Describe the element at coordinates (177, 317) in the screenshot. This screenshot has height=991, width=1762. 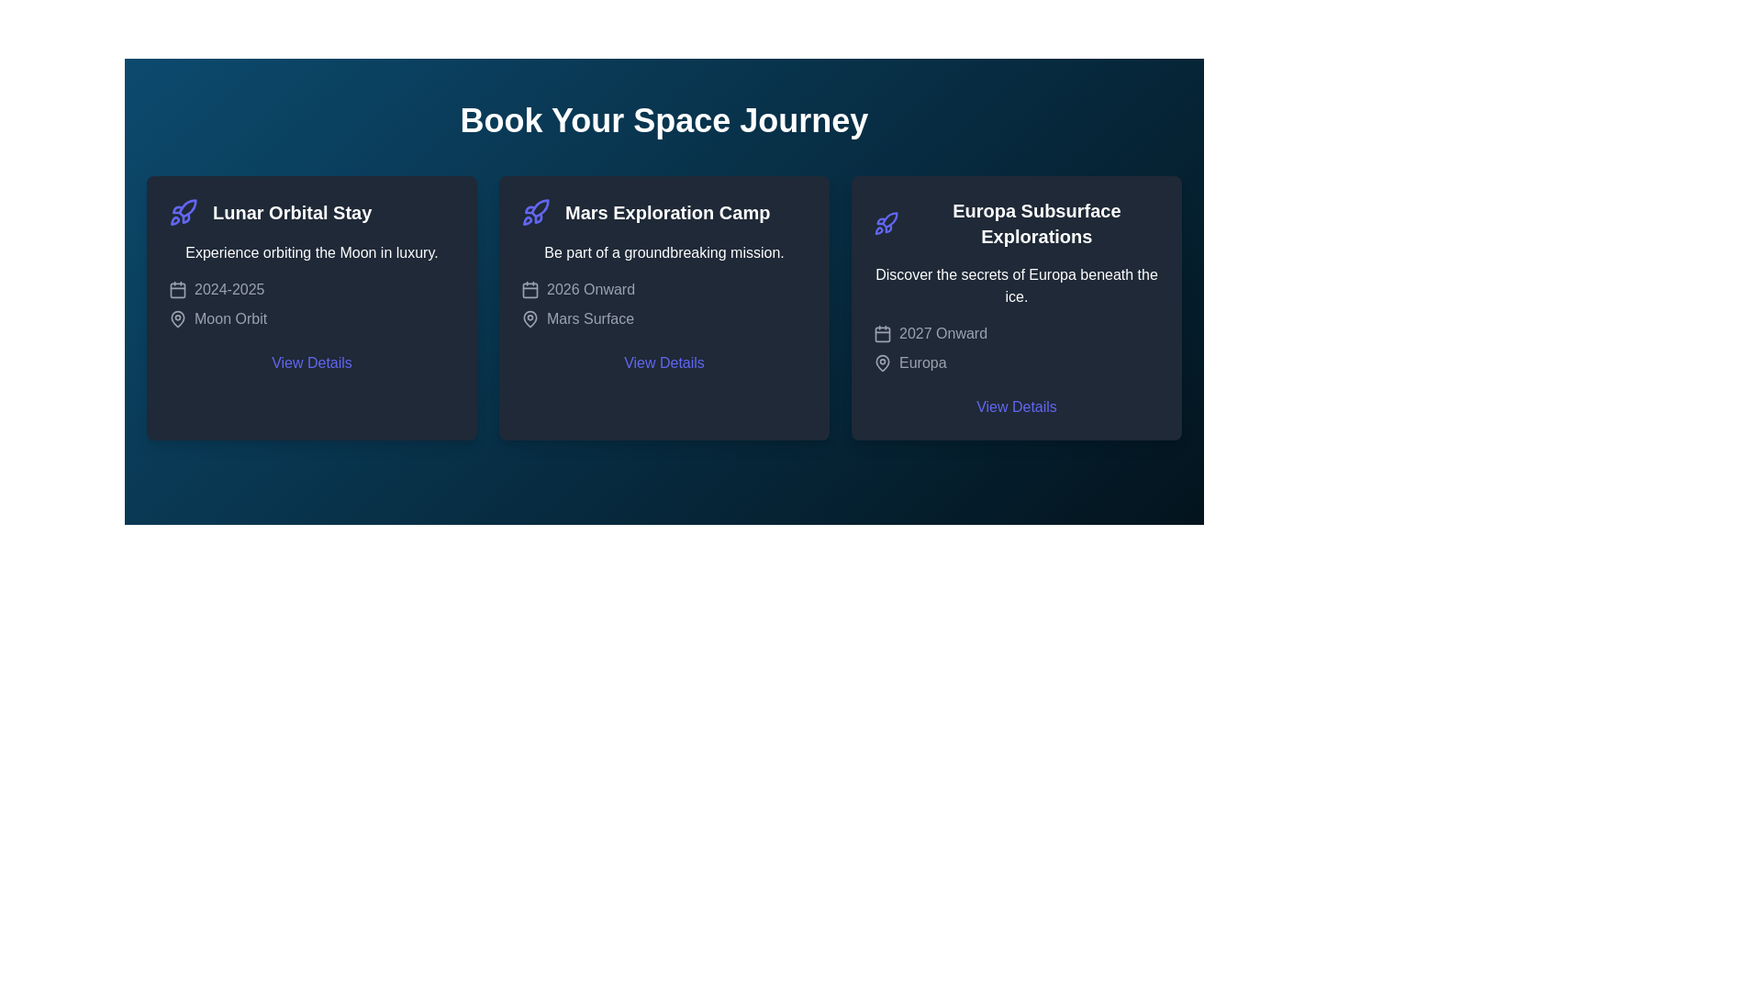
I see `the gray outlined location pin icon next to the text 'Moon Orbit' in the 'Lunar Orbital Stay' section` at that location.